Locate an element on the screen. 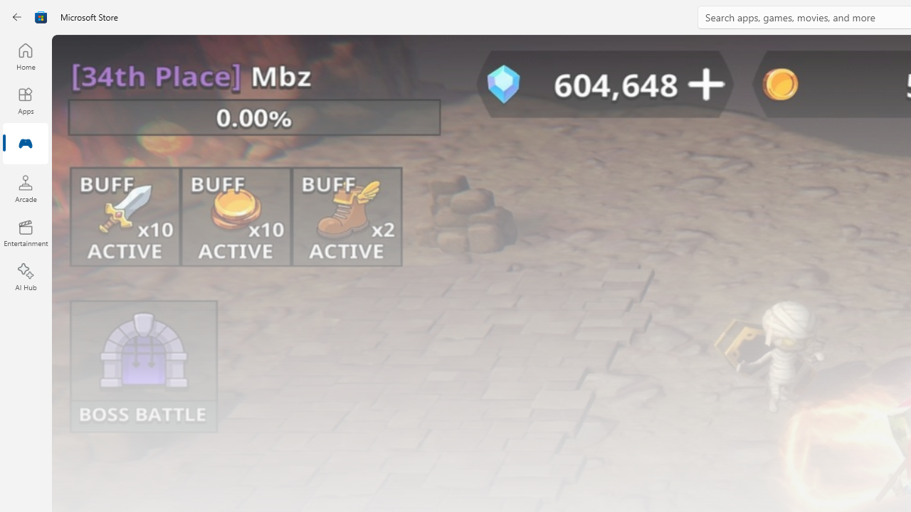  'Back' is located at coordinates (17, 17).